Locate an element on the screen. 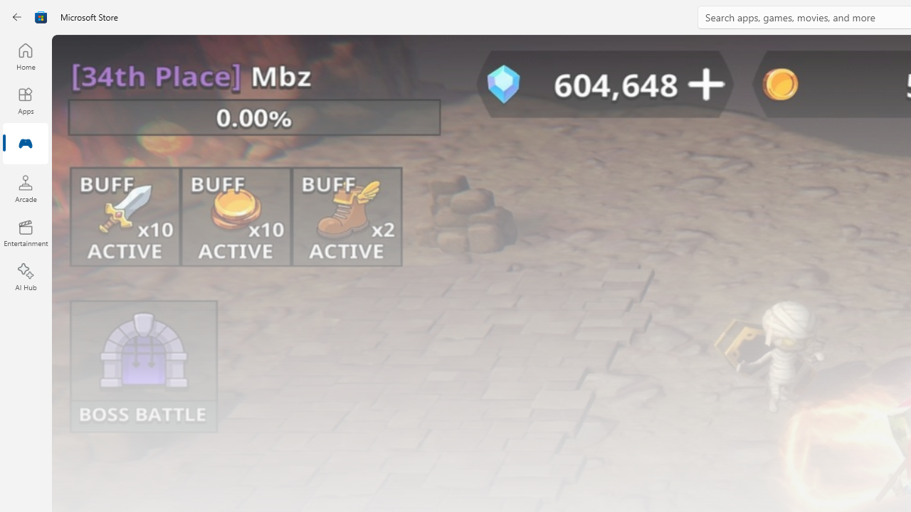  'Back' is located at coordinates (17, 17).